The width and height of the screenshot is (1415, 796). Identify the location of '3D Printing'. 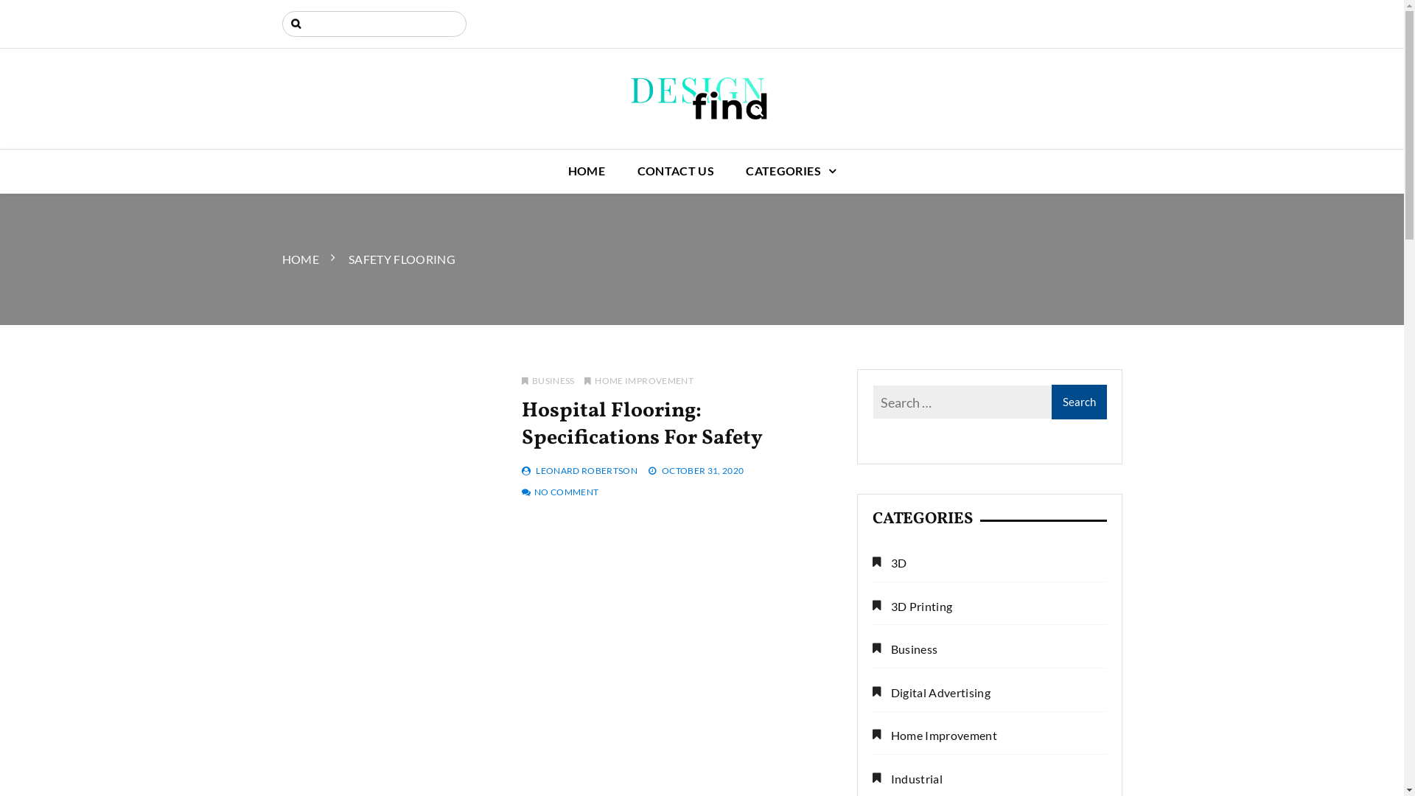
(912, 607).